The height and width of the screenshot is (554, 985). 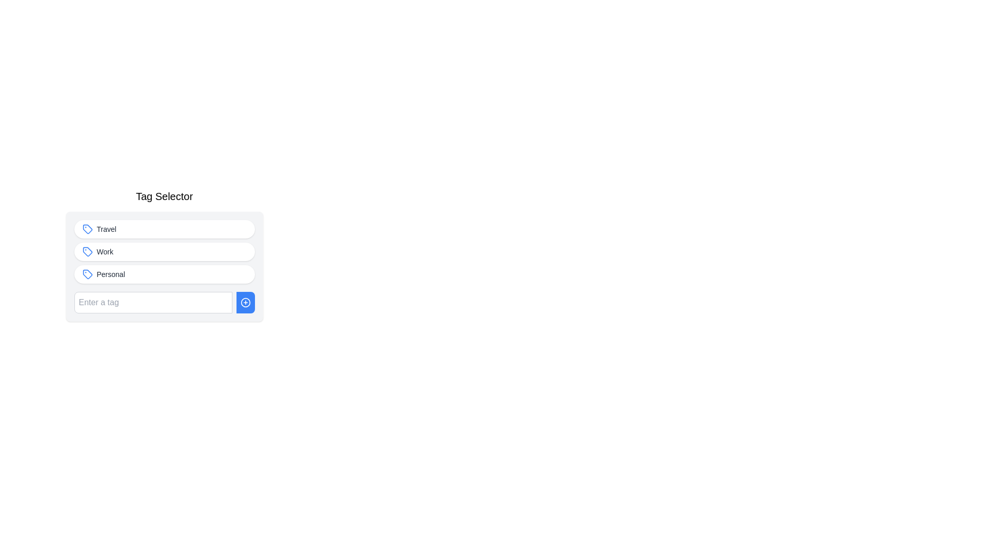 What do you see at coordinates (245, 302) in the screenshot?
I see `the 'Add' button located at the far-right end of the input group` at bounding box center [245, 302].